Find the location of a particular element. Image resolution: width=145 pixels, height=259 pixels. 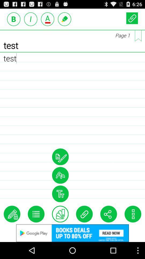

the write text option is located at coordinates (12, 214).